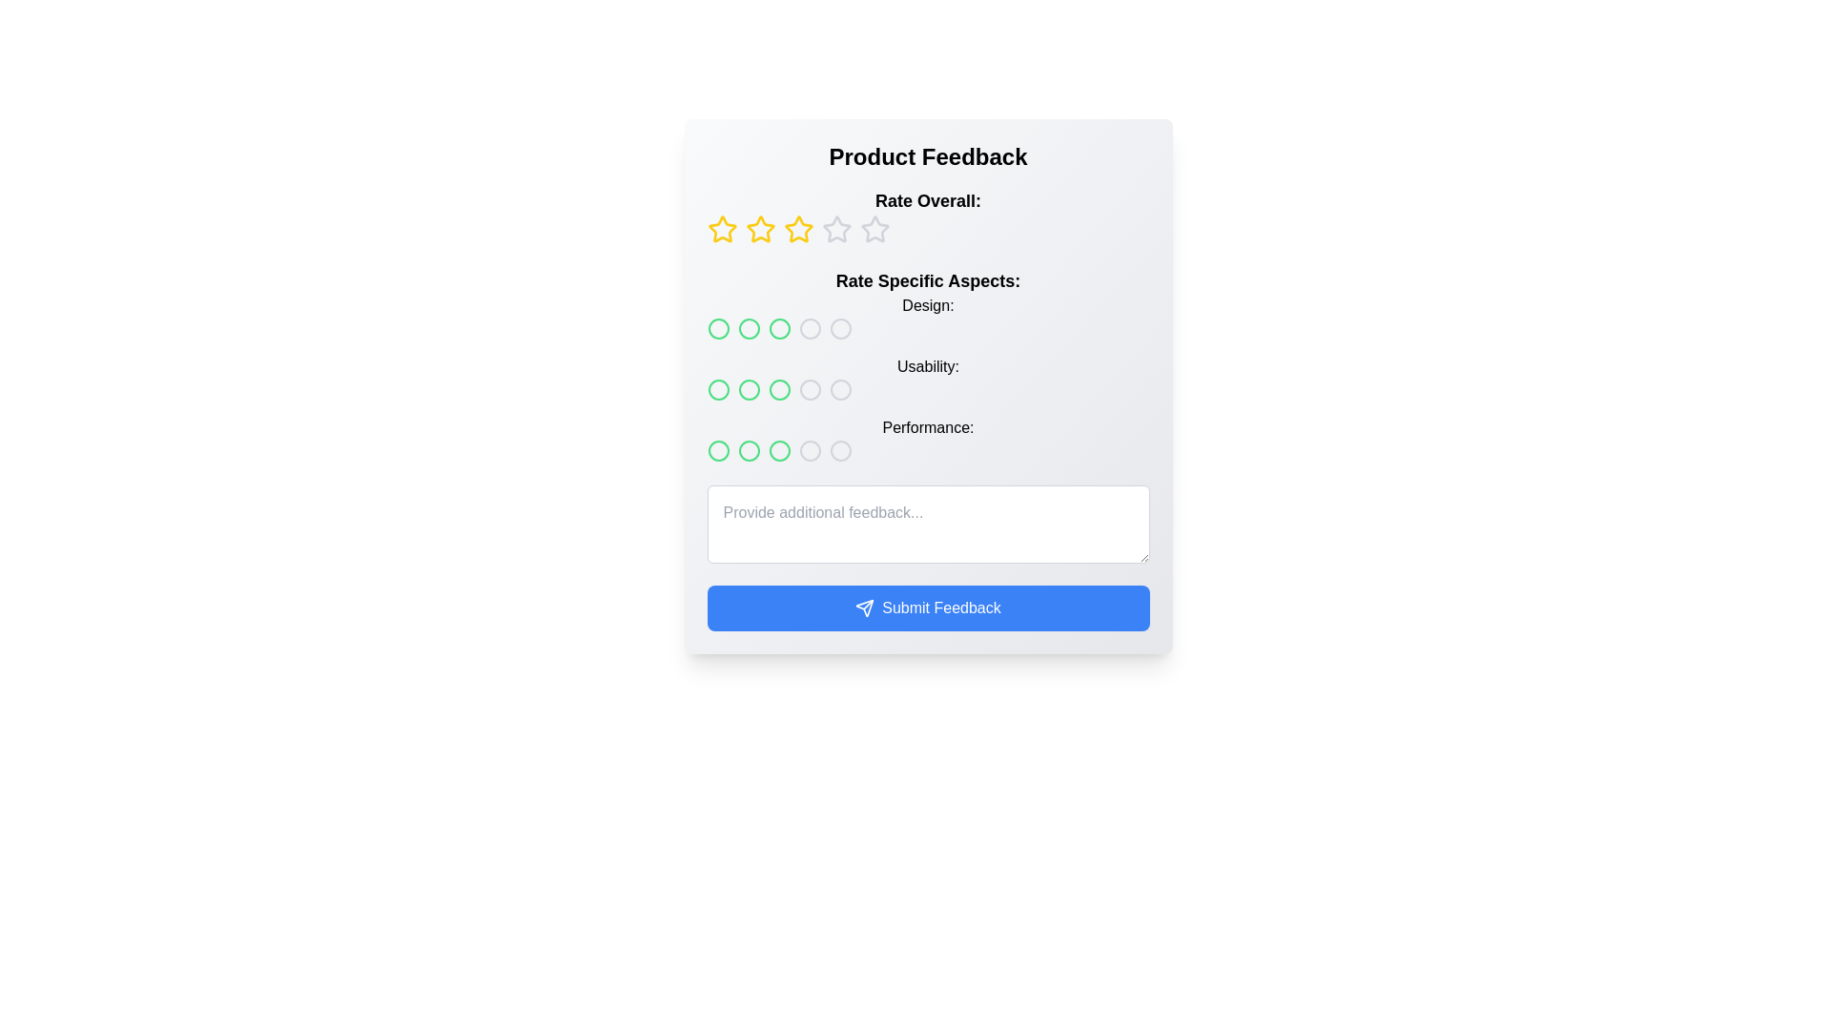 This screenshot has width=1831, height=1030. What do you see at coordinates (779, 327) in the screenshot?
I see `the third interactive selectable icon (rating element) with a green outline in the 'Rate Specific Aspects' section under the 'Design' label` at bounding box center [779, 327].